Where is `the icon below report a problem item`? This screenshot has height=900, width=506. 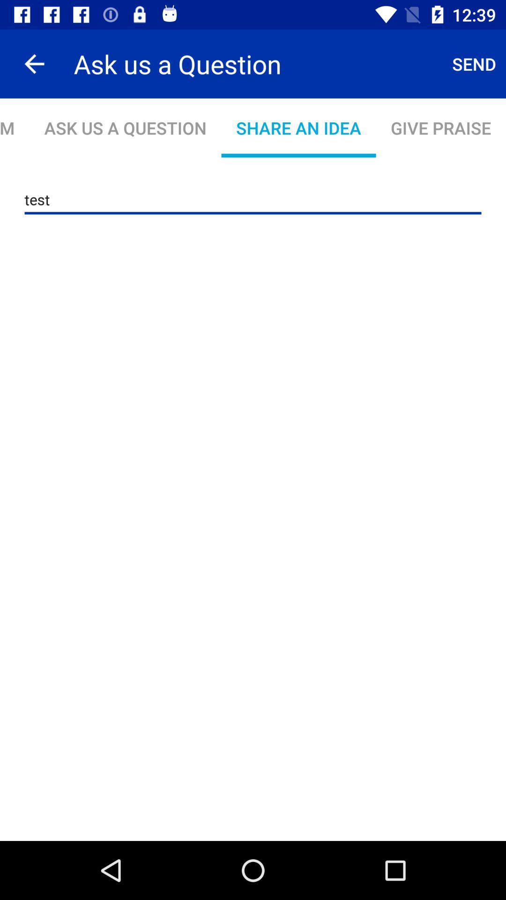 the icon below report a problem item is located at coordinates (253, 199).